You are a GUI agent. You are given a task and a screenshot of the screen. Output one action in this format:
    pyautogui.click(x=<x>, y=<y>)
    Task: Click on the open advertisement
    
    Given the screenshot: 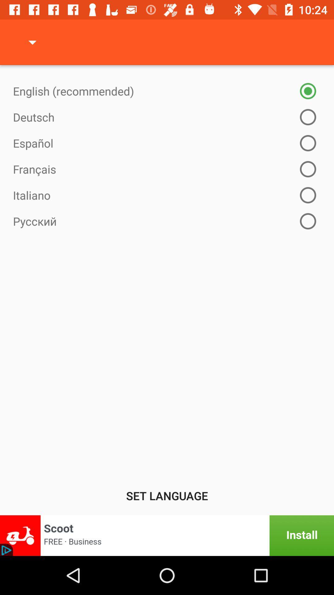 What is the action you would take?
    pyautogui.click(x=167, y=535)
    